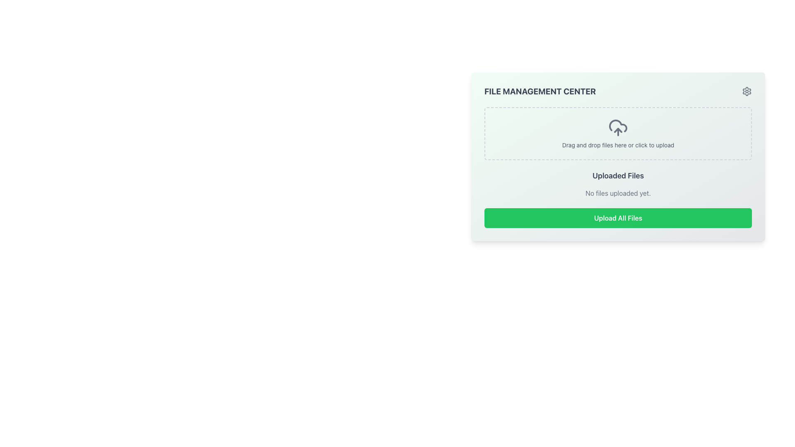 The image size is (795, 447). I want to click on the SVG-based gear icon located at the top-right corner of the 'File Management Center' card, so click(747, 91).